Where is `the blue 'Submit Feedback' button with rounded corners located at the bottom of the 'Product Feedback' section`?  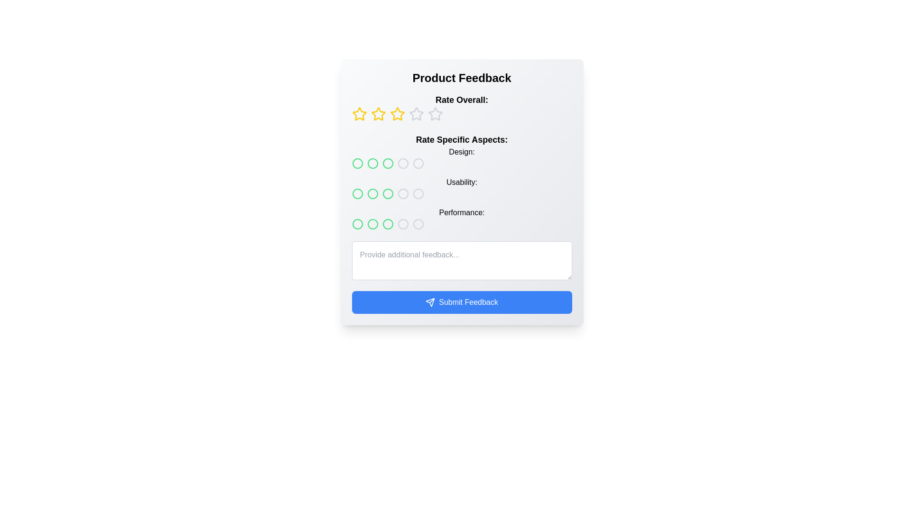 the blue 'Submit Feedback' button with rounded corners located at the bottom of the 'Product Feedback' section is located at coordinates (462, 302).